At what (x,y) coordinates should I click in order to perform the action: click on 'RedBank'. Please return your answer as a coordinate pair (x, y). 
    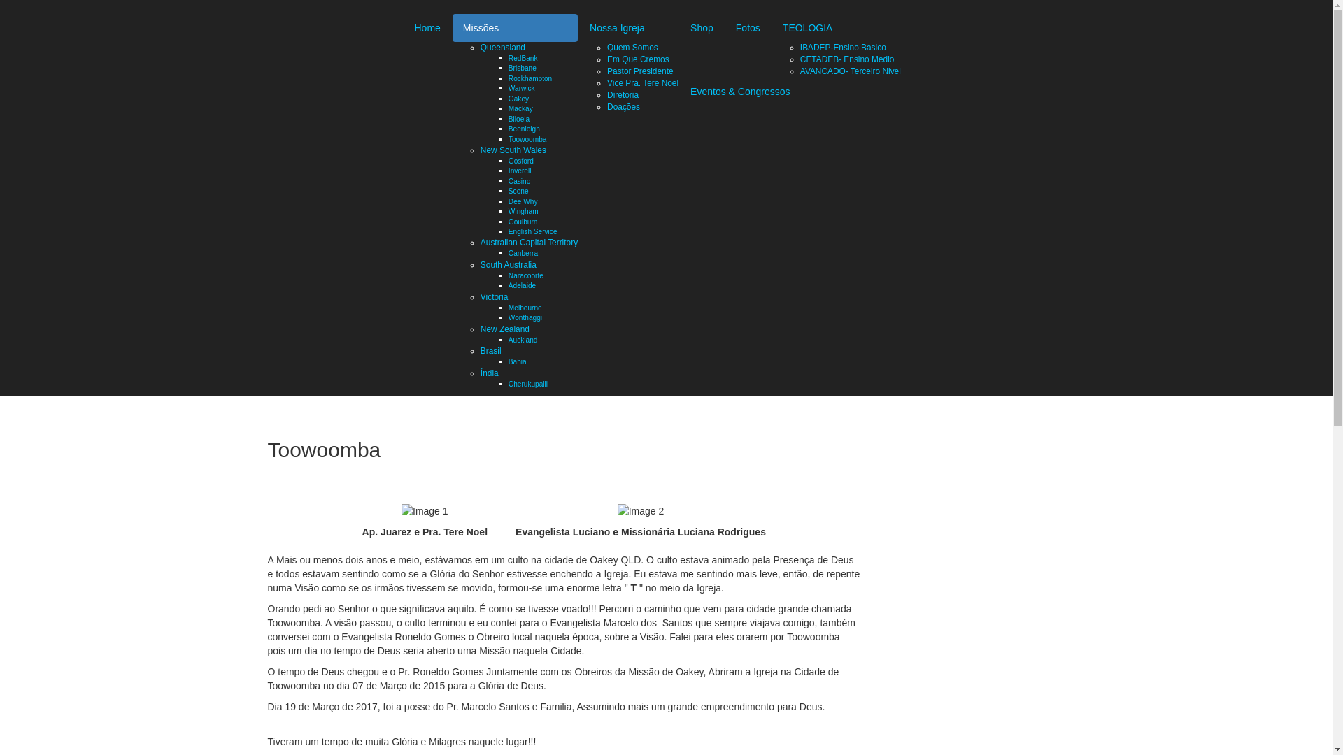
    Looking at the image, I should click on (523, 57).